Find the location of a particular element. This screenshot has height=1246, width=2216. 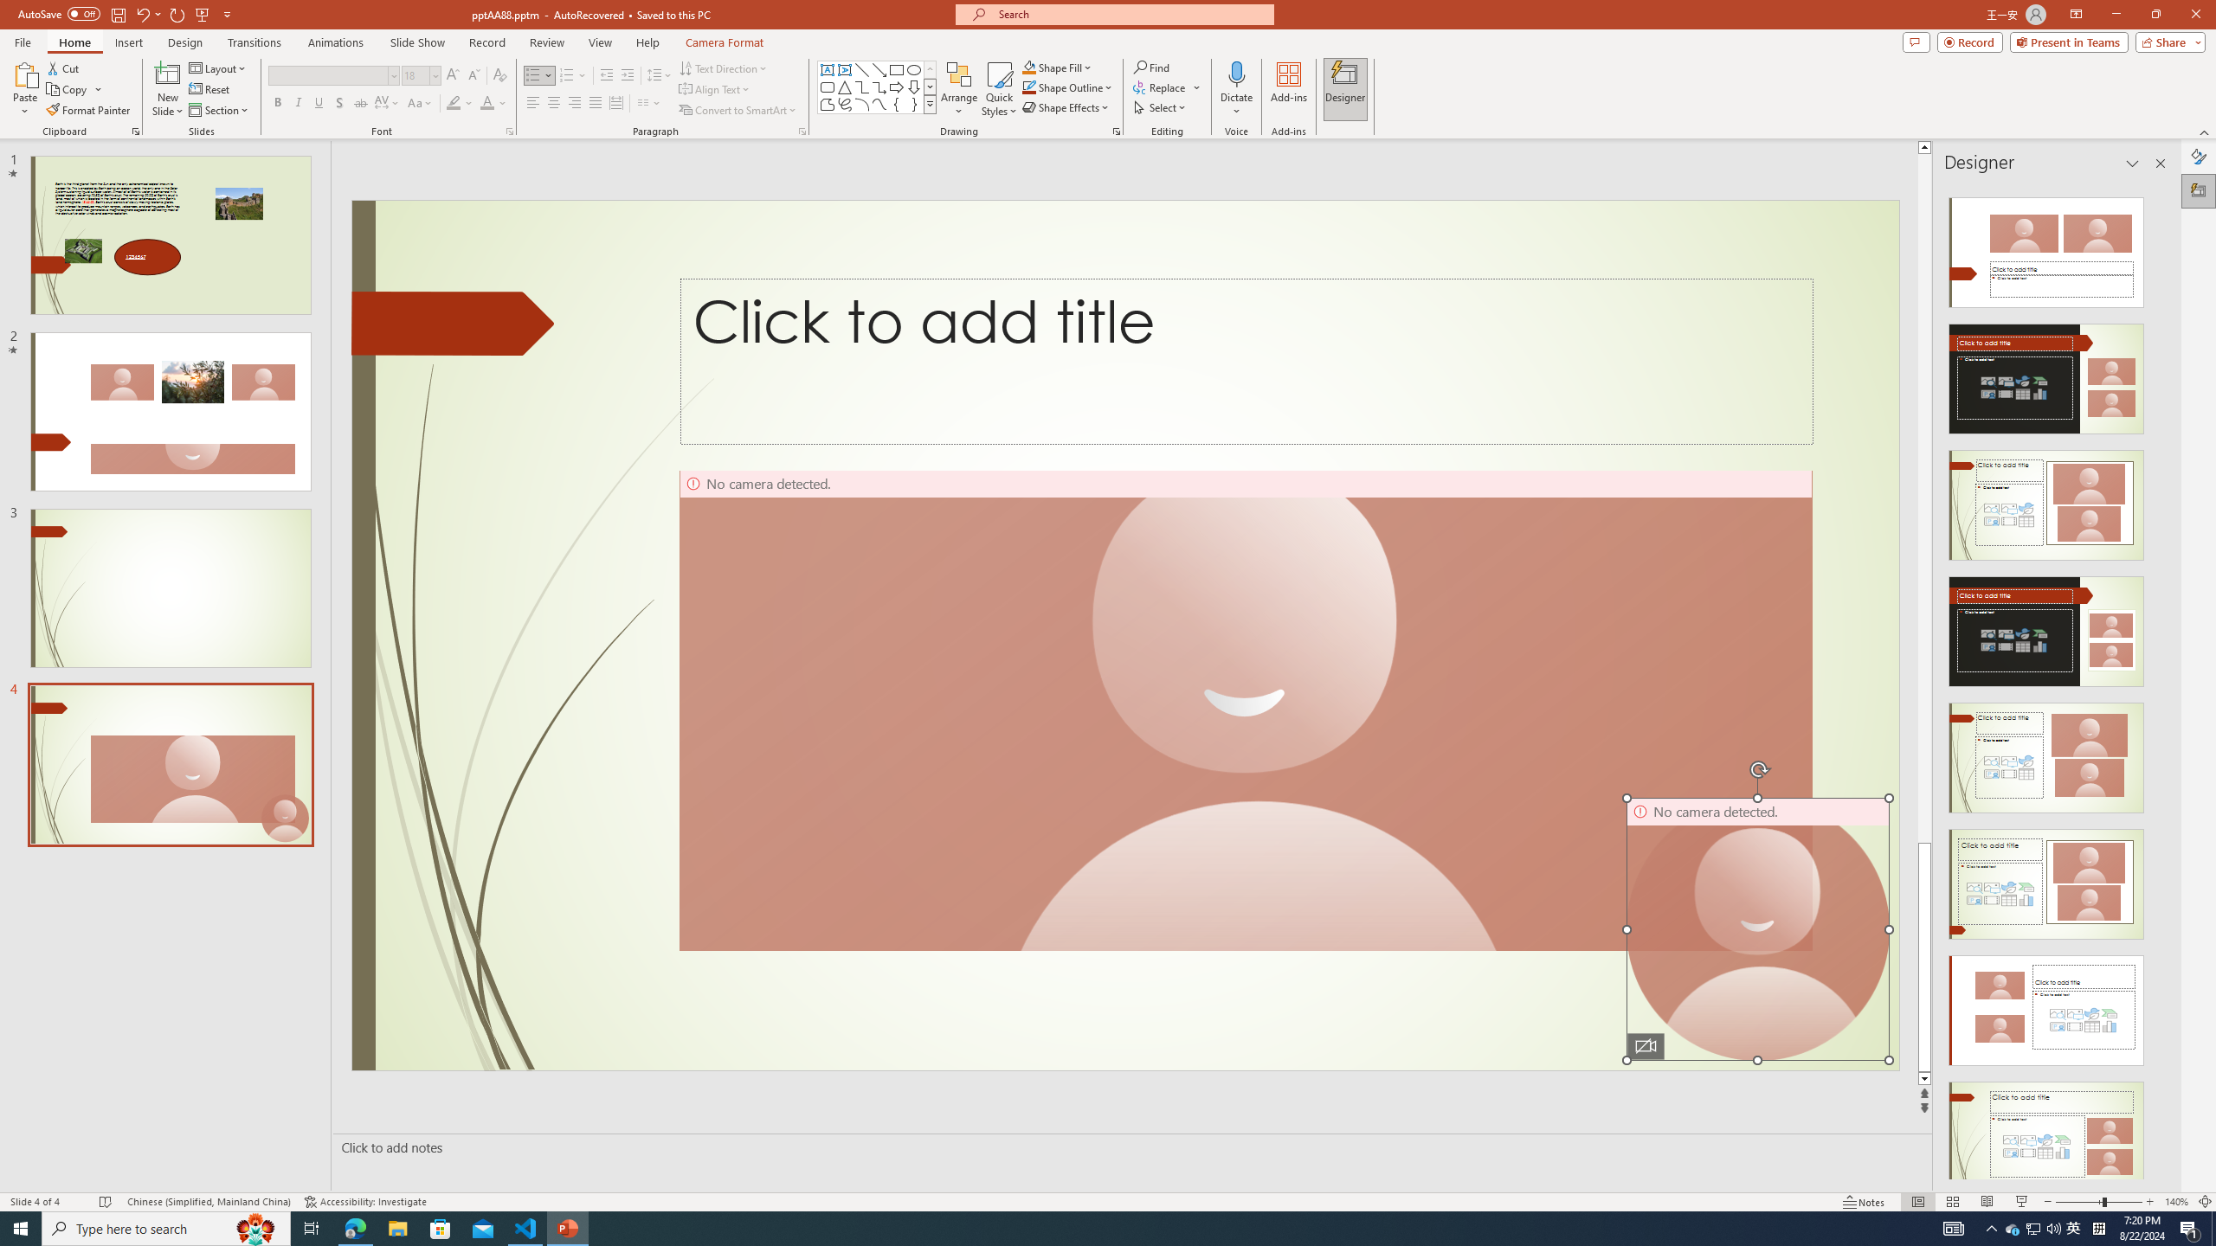

'Italic' is located at coordinates (297, 102).